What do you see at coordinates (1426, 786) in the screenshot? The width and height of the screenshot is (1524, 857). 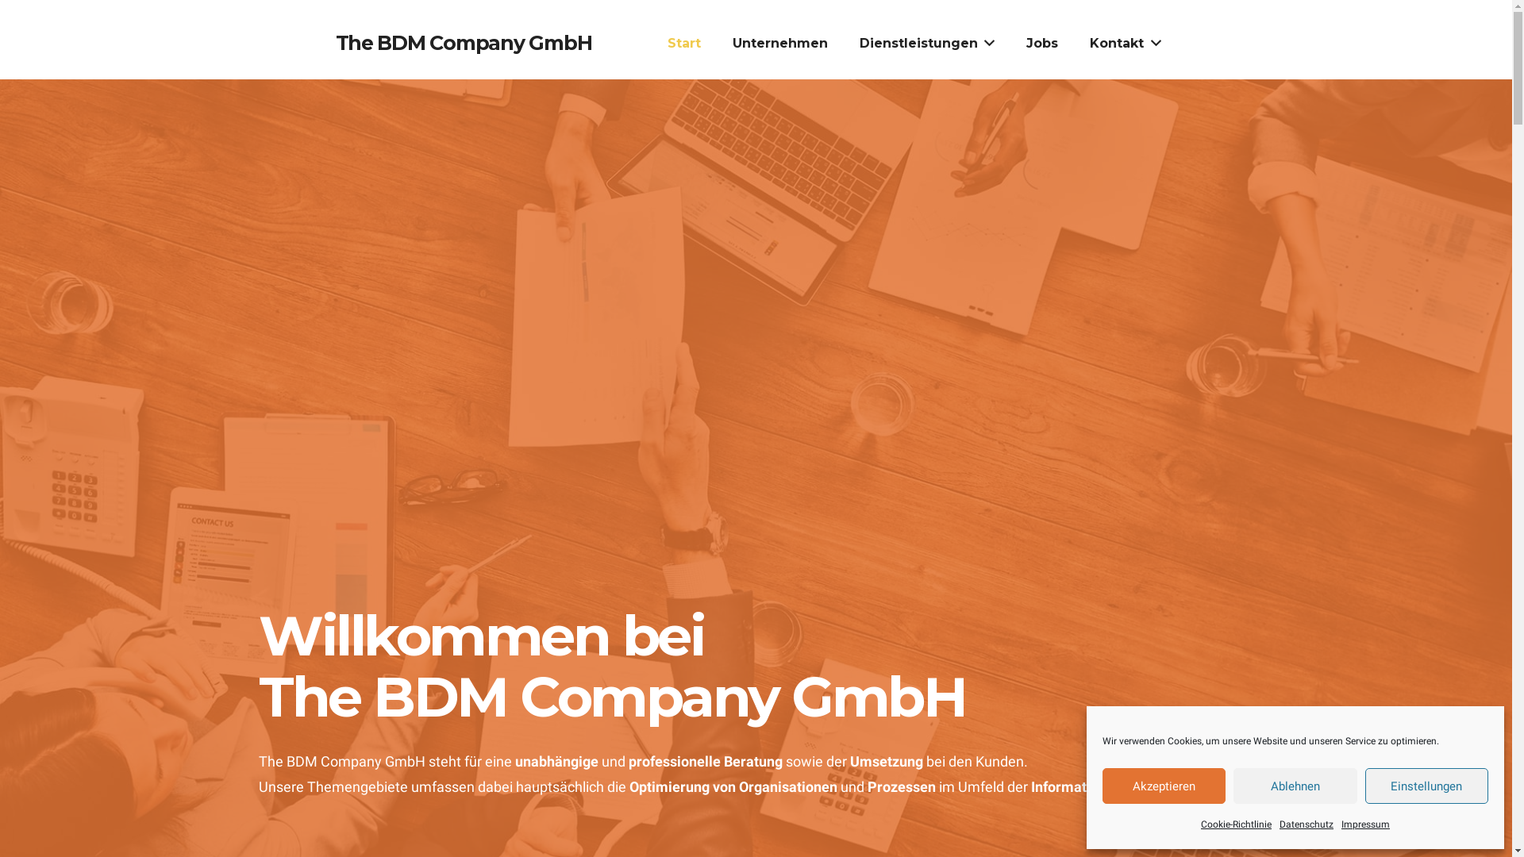 I see `'Einstellungen'` at bounding box center [1426, 786].